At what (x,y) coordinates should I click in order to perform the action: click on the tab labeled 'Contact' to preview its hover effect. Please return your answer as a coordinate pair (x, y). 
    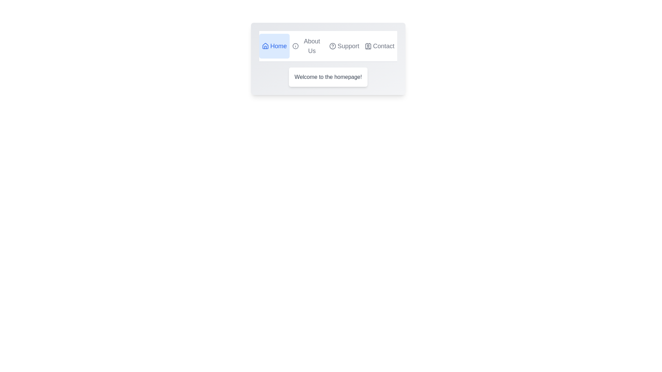
    Looking at the image, I should click on (379, 46).